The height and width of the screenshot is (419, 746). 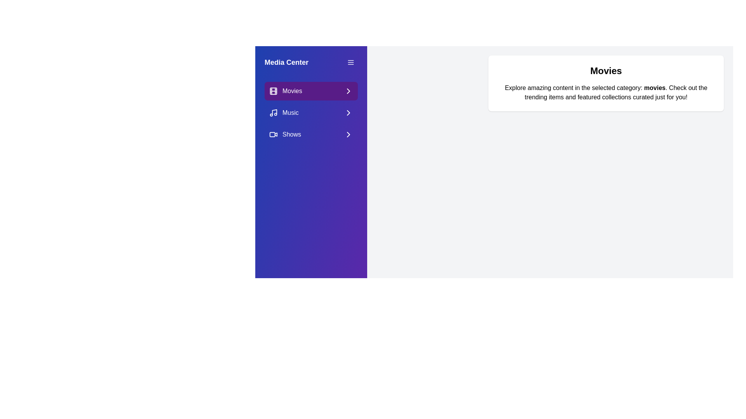 I want to click on the third chevron icon in the left vertical sidebar, which is positioned right next to the 'Shows' text, so click(x=348, y=134).